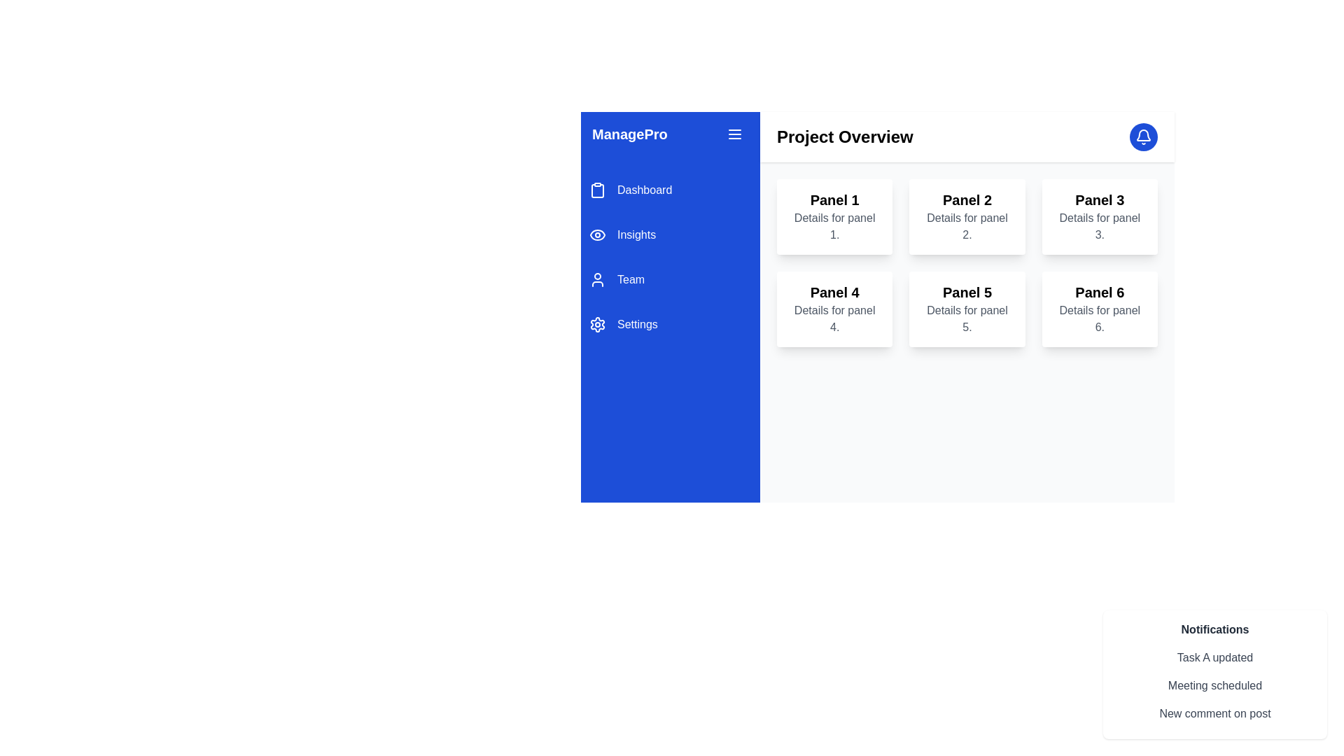 The image size is (1344, 756). Describe the element at coordinates (1143, 135) in the screenshot. I see `the blue bell icon located in the top-right area of the layout, which is part of an SVG icon set and represents a notification` at that location.